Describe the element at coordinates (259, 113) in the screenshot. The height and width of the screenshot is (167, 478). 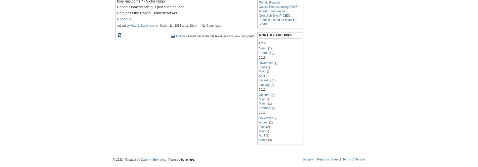
I see `'2011'` at that location.